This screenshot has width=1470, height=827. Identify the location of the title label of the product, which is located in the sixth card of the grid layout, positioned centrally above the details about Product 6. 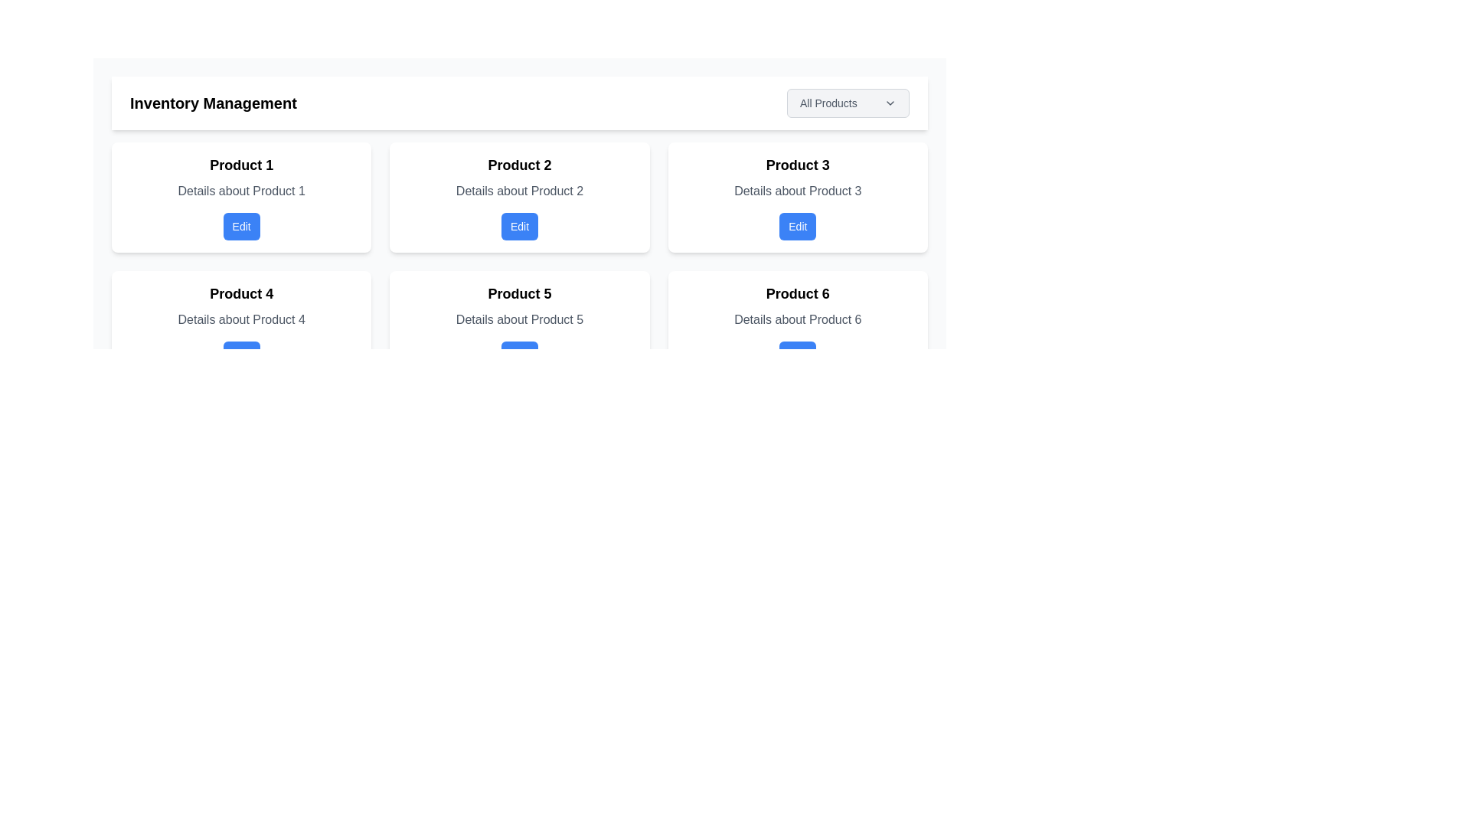
(797, 294).